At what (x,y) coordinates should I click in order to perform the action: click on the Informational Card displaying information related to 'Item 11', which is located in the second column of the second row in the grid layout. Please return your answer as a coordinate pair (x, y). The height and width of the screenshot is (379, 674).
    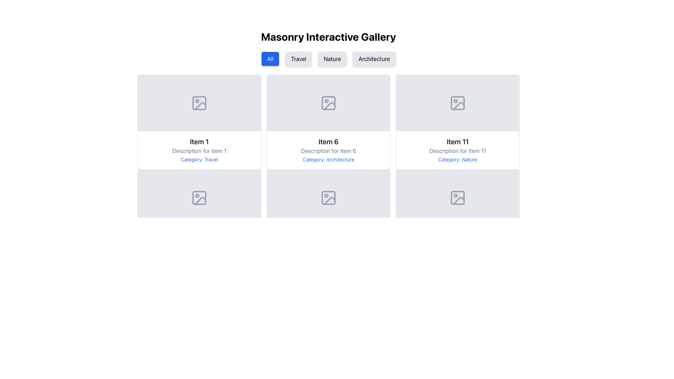
    Looking at the image, I should click on (458, 121).